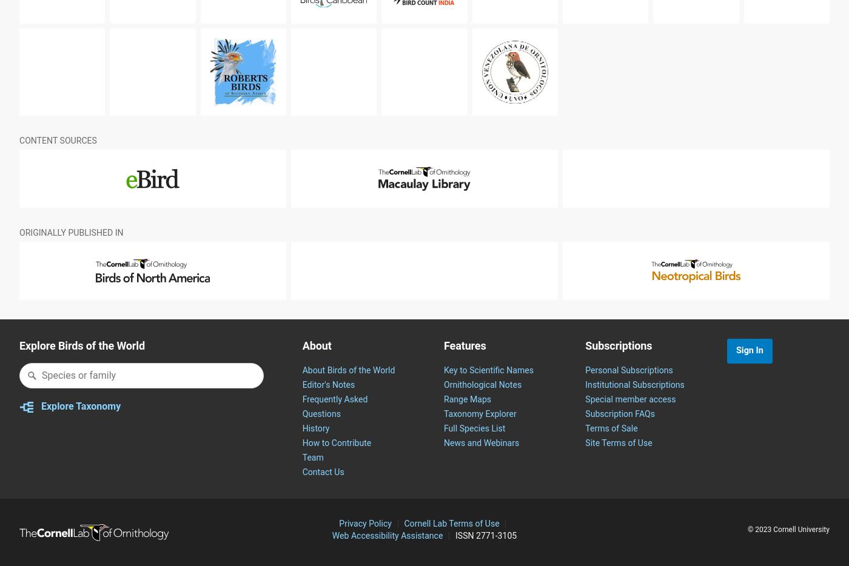 The height and width of the screenshot is (566, 849). What do you see at coordinates (317, 375) in the screenshot?
I see `'About'` at bounding box center [317, 375].